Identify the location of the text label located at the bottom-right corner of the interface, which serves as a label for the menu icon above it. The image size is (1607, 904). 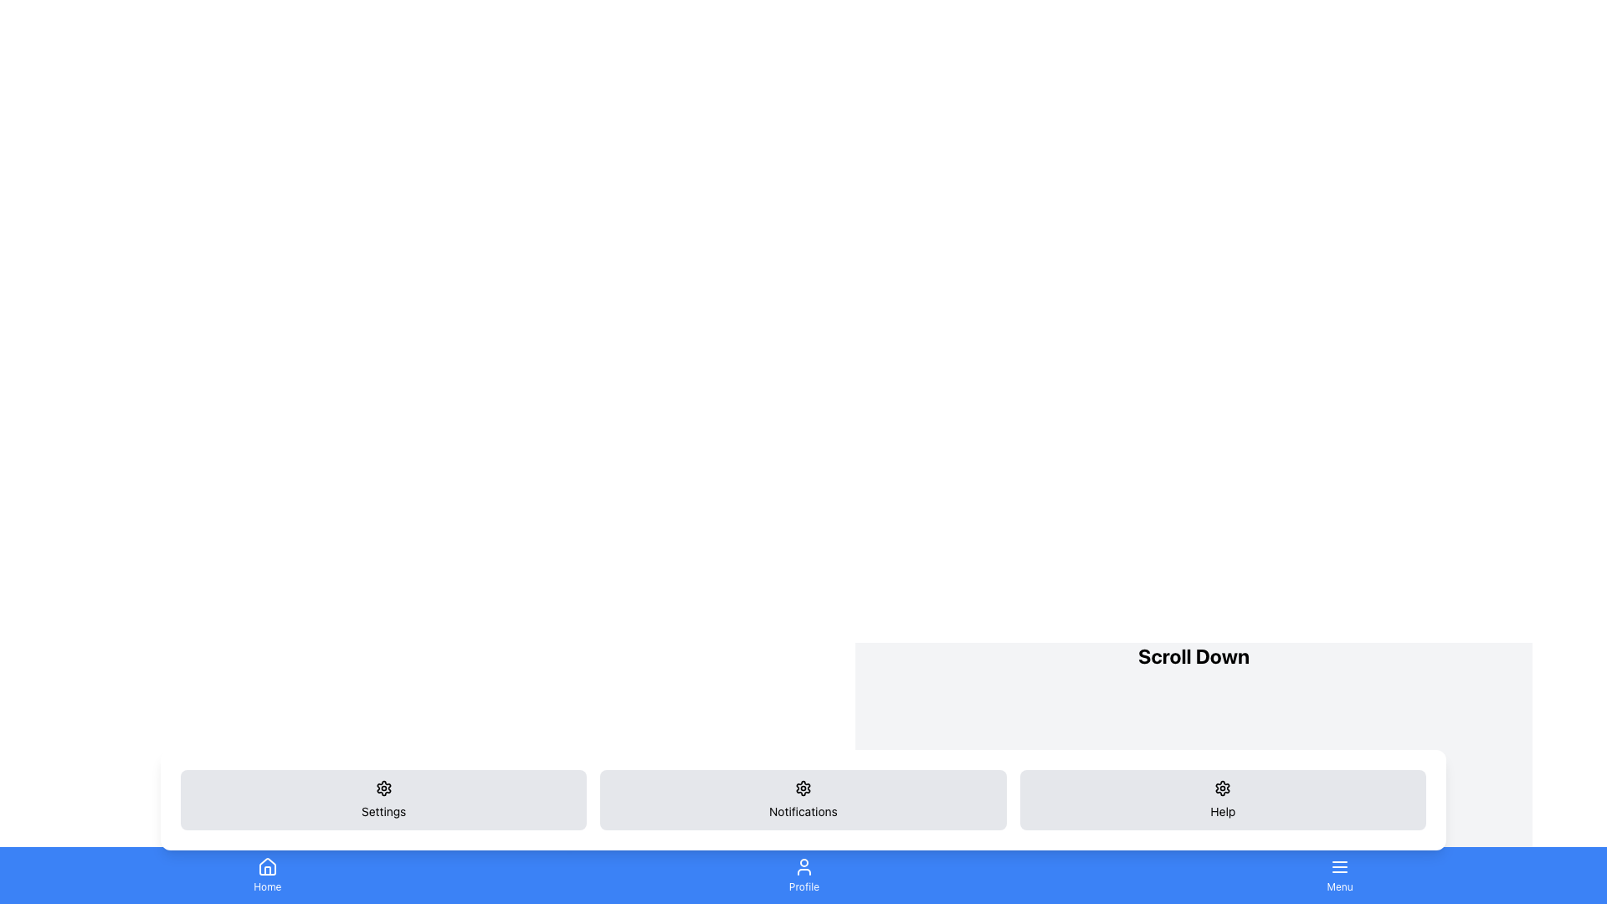
(1340, 886).